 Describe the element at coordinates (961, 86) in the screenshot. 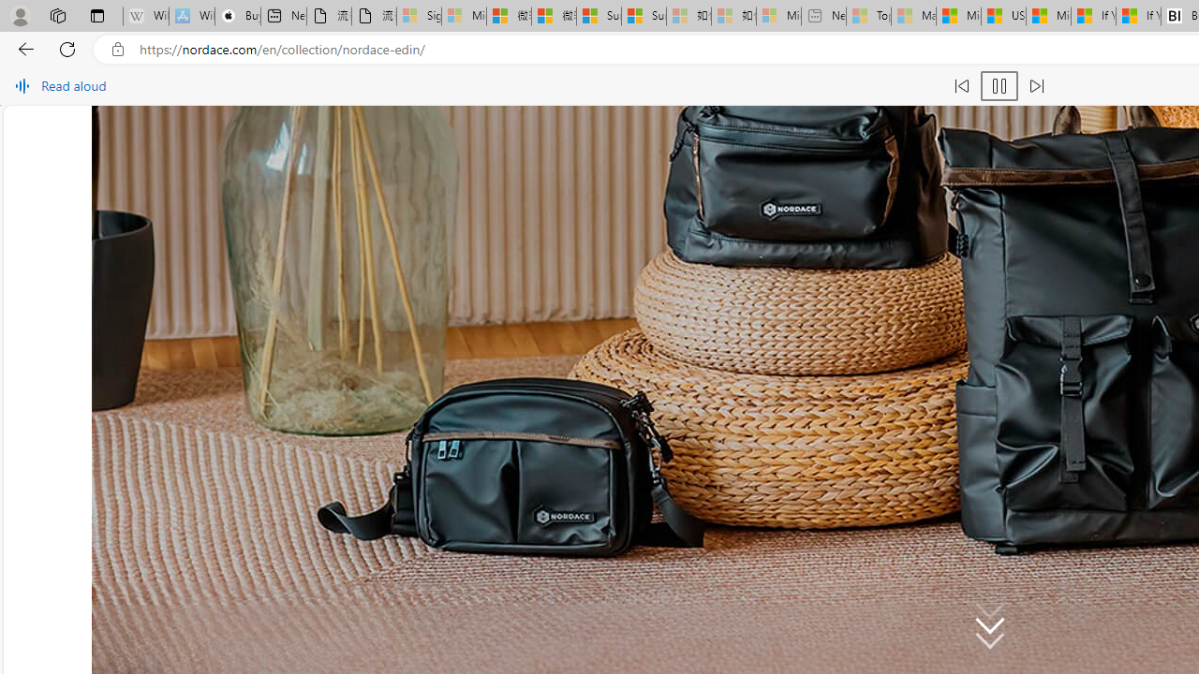

I see `'Read previous paragraph'` at that location.